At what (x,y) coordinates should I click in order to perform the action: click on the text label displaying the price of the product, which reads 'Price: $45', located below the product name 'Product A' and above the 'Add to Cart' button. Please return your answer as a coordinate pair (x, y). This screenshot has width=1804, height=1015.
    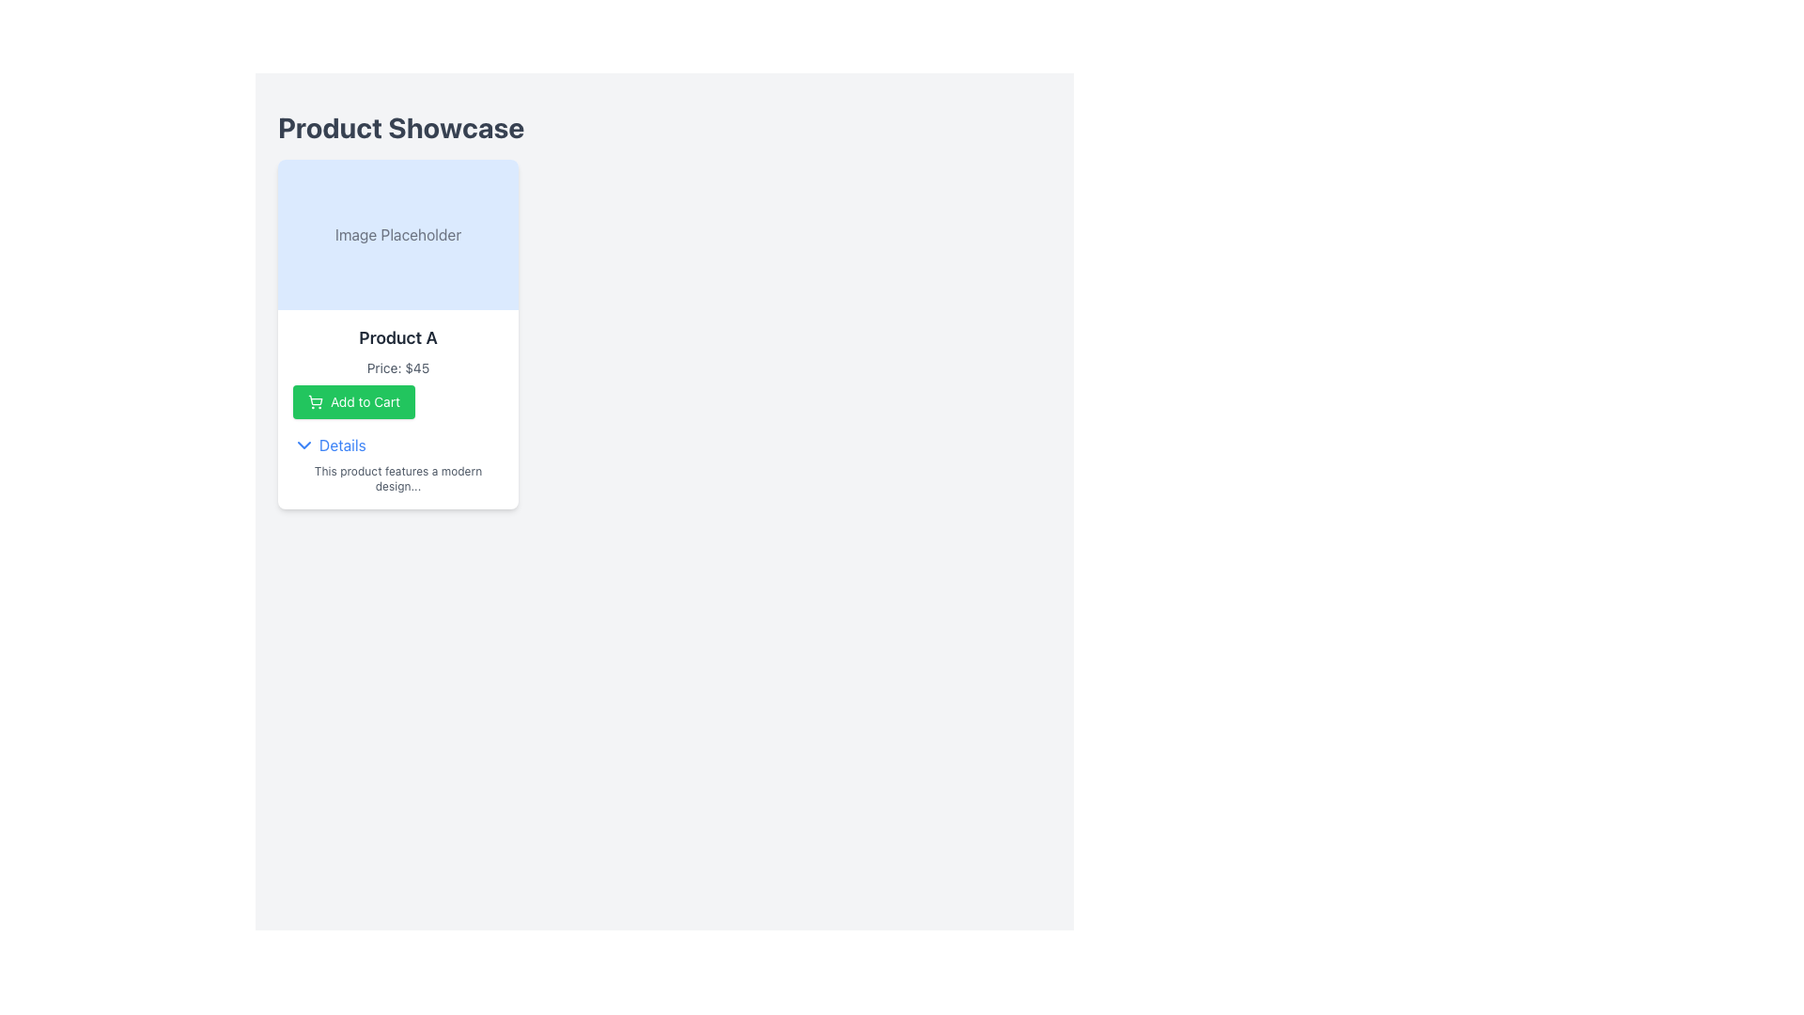
    Looking at the image, I should click on (397, 368).